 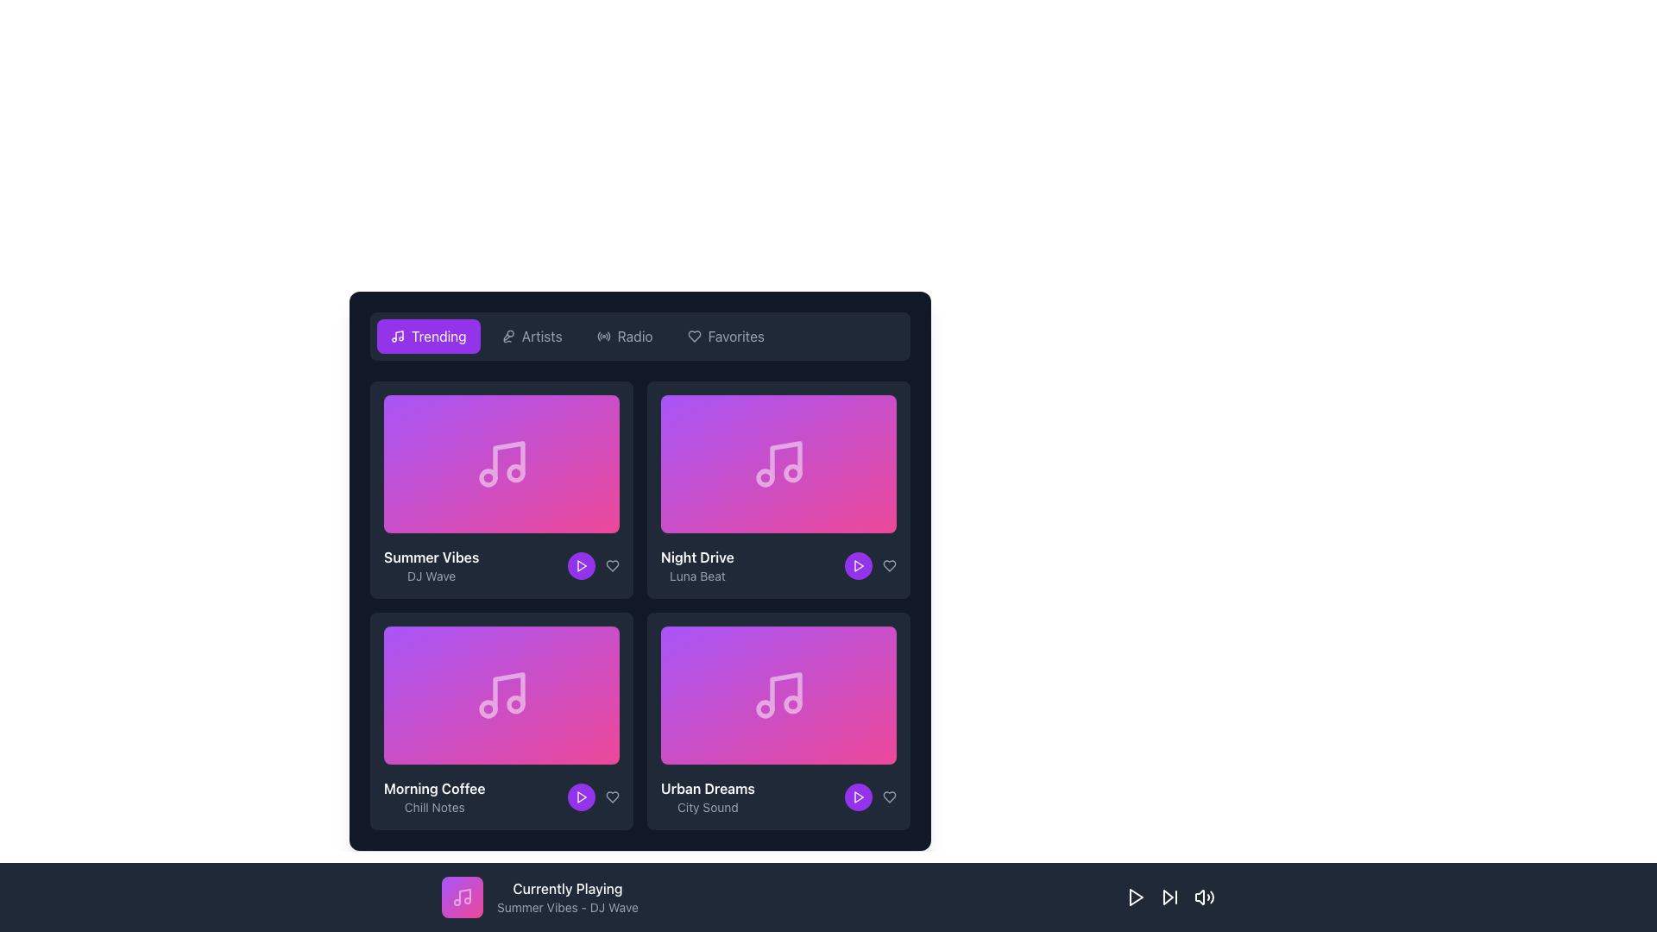 I want to click on the heart icon button located in the bottom-right vicinity of the 'Urban Dreams' card, so click(x=613, y=797).